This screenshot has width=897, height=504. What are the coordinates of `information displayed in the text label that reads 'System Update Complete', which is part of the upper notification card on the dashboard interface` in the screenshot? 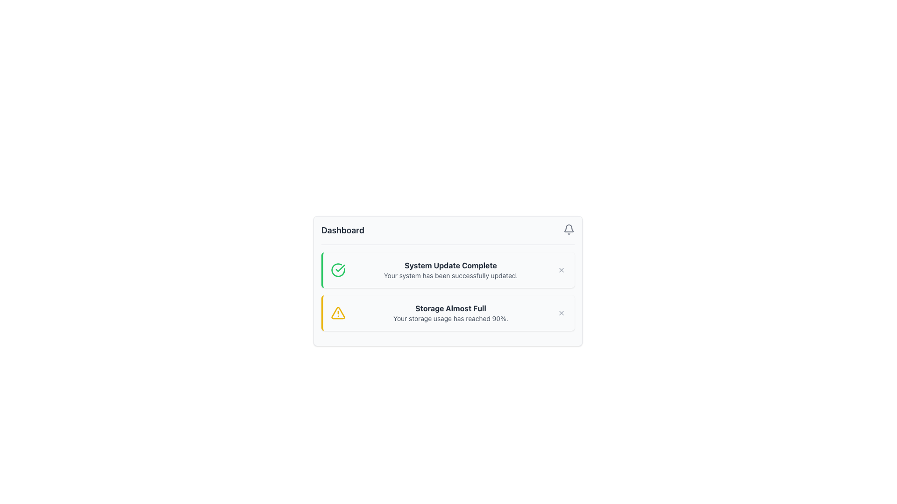 It's located at (450, 266).